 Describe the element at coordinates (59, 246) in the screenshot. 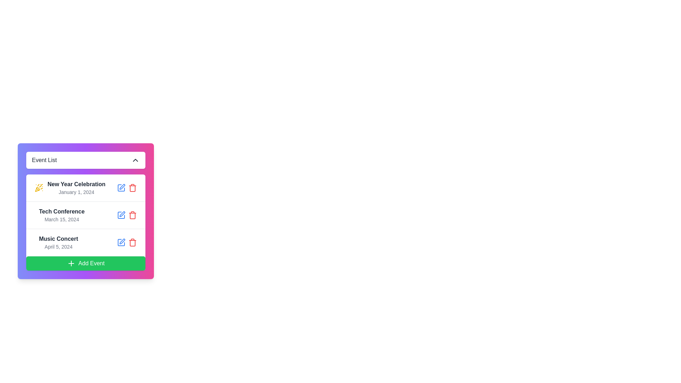

I see `the static text label displaying 'April 5, 2024', which is positioned below the 'Music Concert' title and aligned to the left` at that location.